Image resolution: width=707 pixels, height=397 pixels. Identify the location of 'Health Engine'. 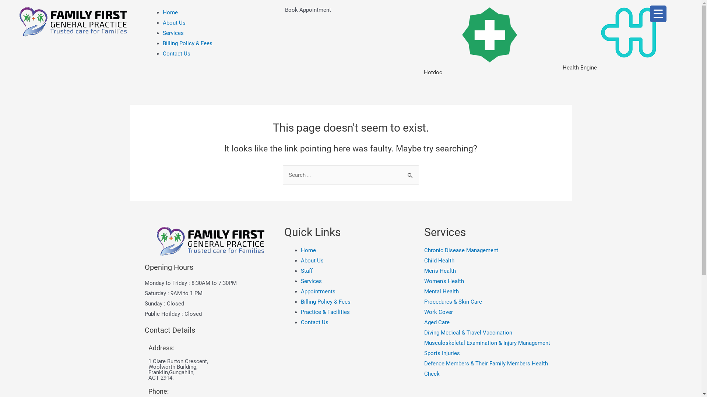
(579, 68).